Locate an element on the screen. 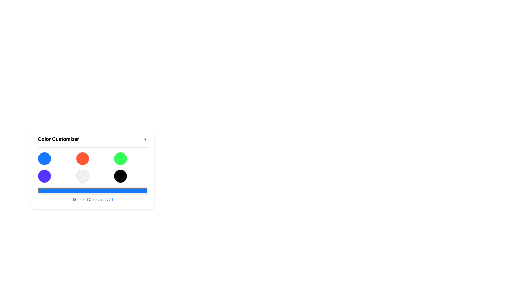 The height and width of the screenshot is (296, 527). the grid of circular buttons for possible tooltips related to color selection is located at coordinates (92, 167).